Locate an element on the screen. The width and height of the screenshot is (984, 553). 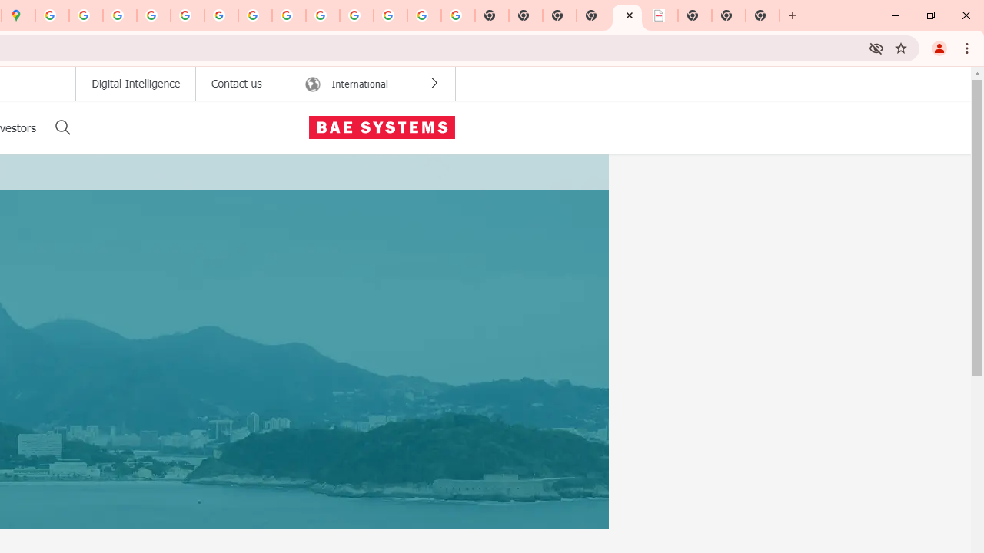
'BAE Systems Brasil | BAE Systems' is located at coordinates (661, 15).